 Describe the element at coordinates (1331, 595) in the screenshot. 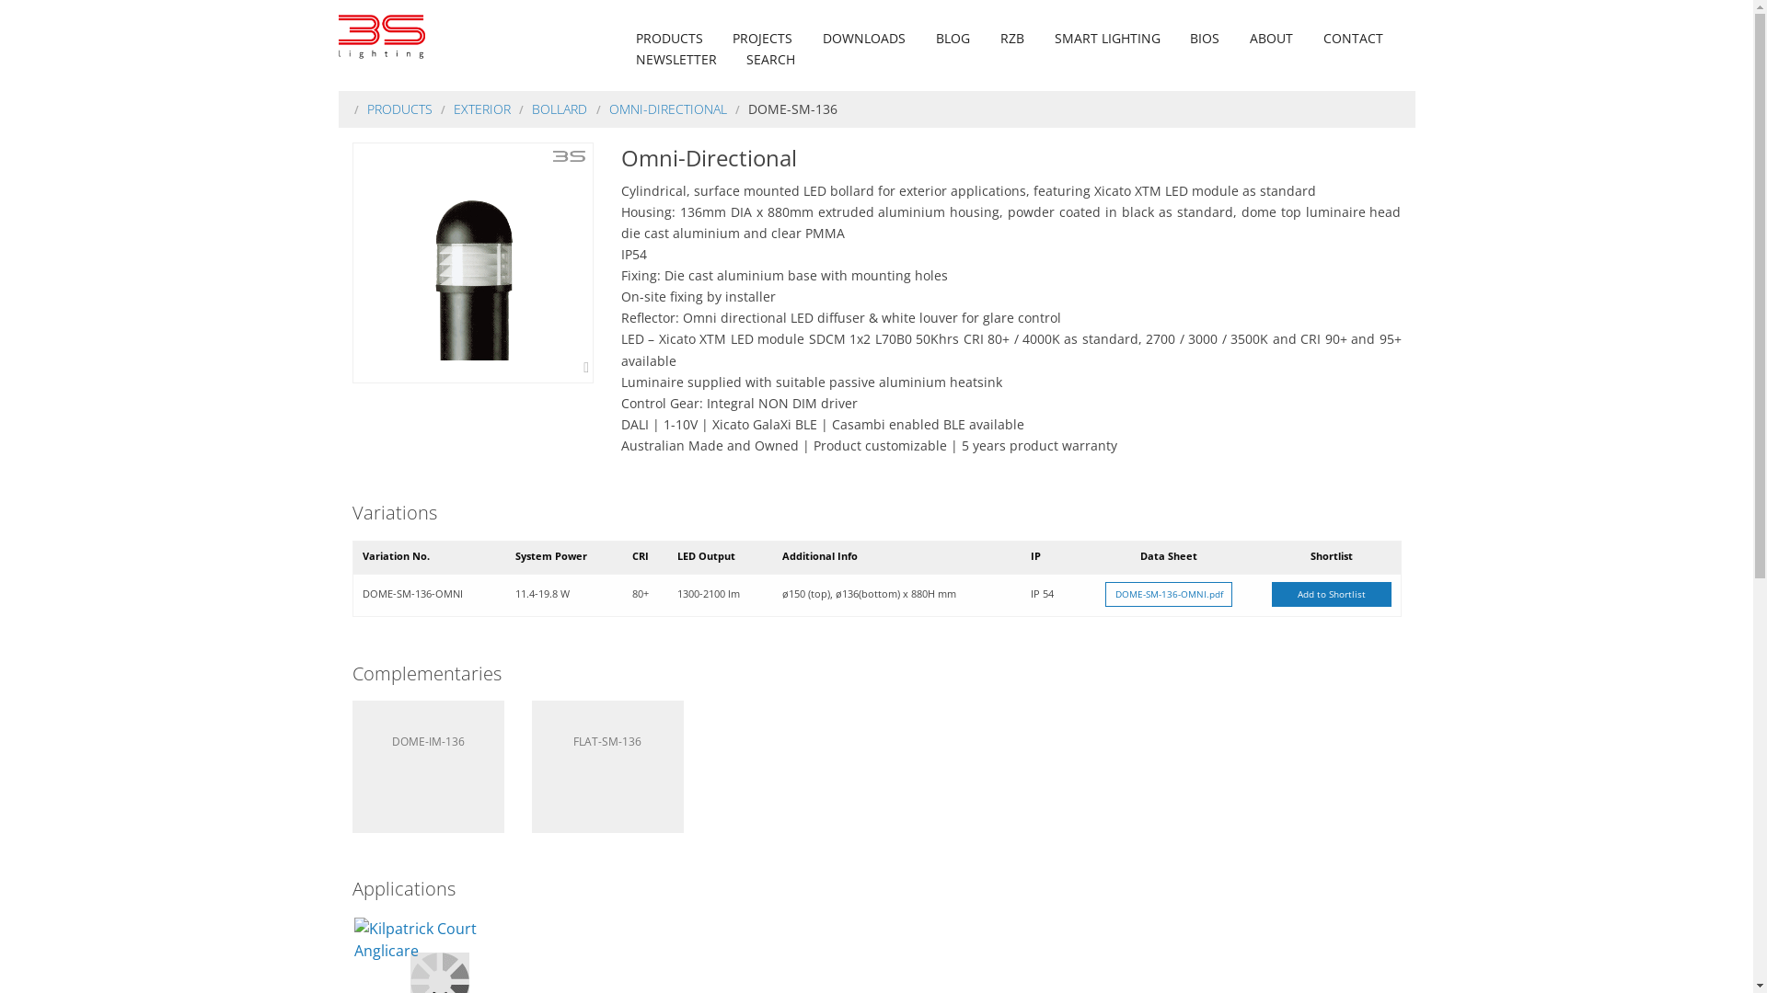

I see `'Add to Shortlist'` at that location.